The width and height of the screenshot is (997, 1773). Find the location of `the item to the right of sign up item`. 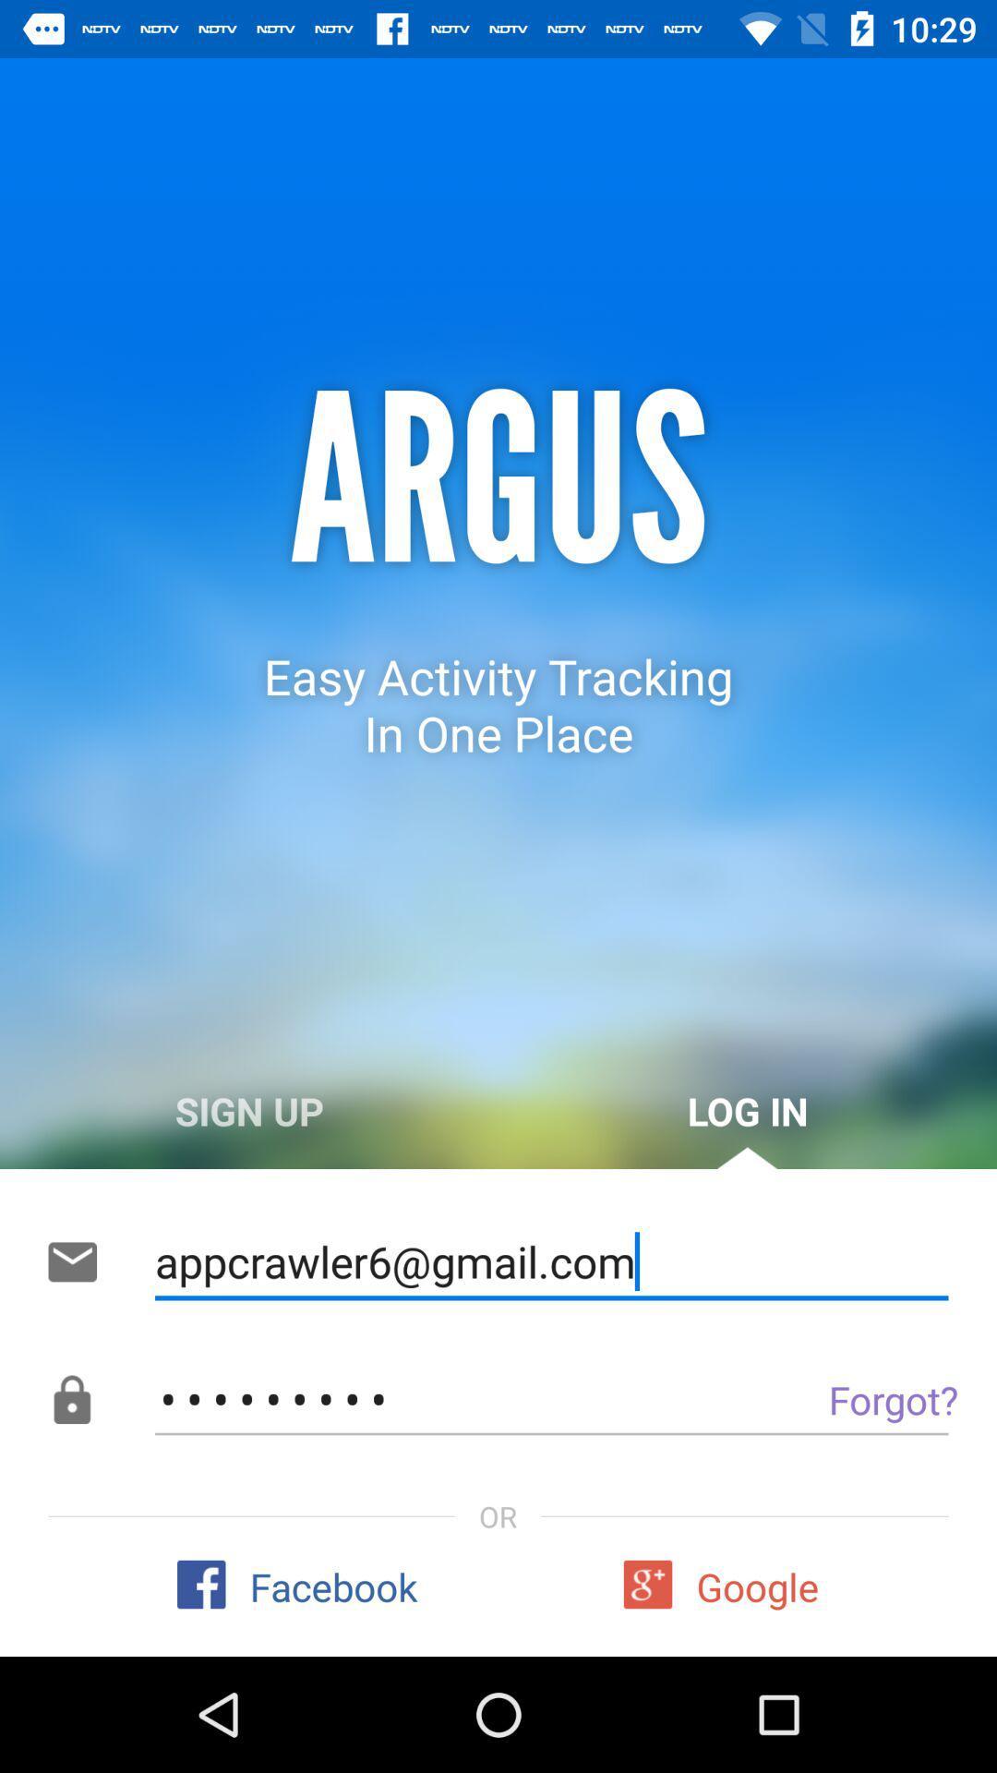

the item to the right of sign up item is located at coordinates (748, 1110).